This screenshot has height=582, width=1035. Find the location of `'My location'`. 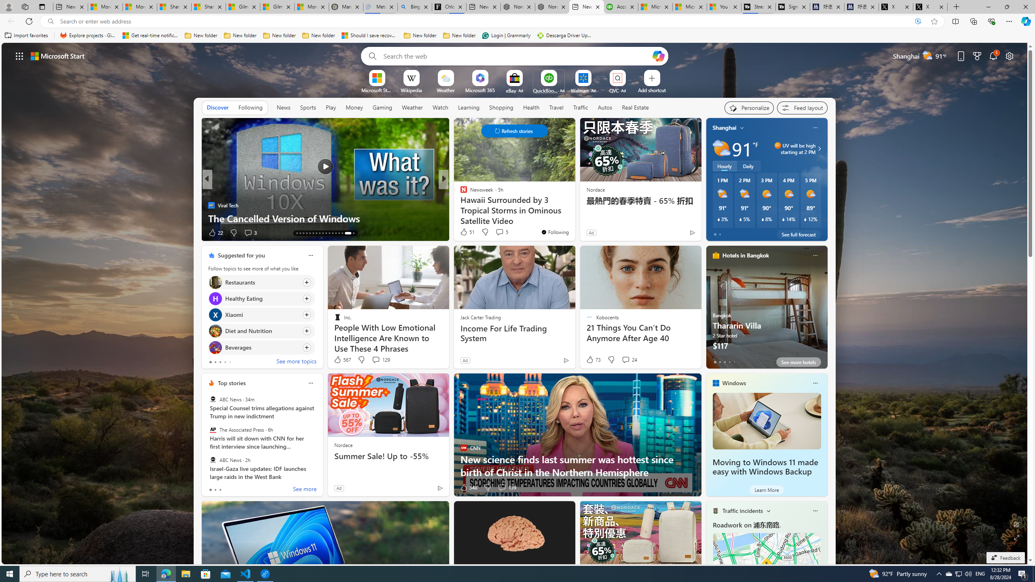

'My location' is located at coordinates (741, 127).